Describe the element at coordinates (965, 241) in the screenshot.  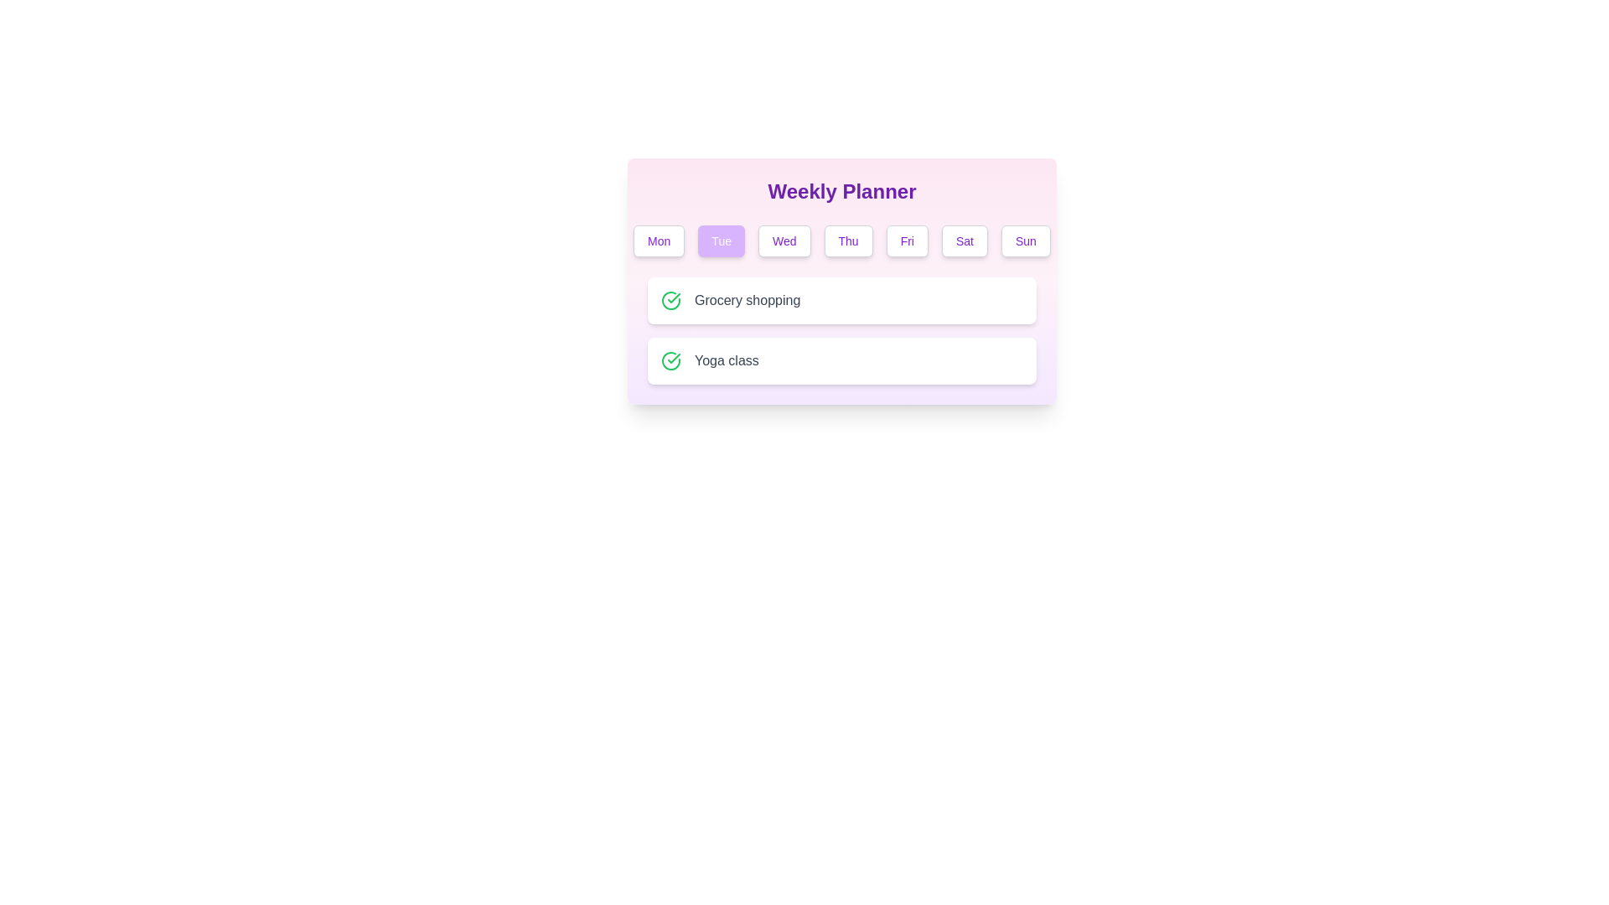
I see `the button corresponding to Sat to select it` at that location.